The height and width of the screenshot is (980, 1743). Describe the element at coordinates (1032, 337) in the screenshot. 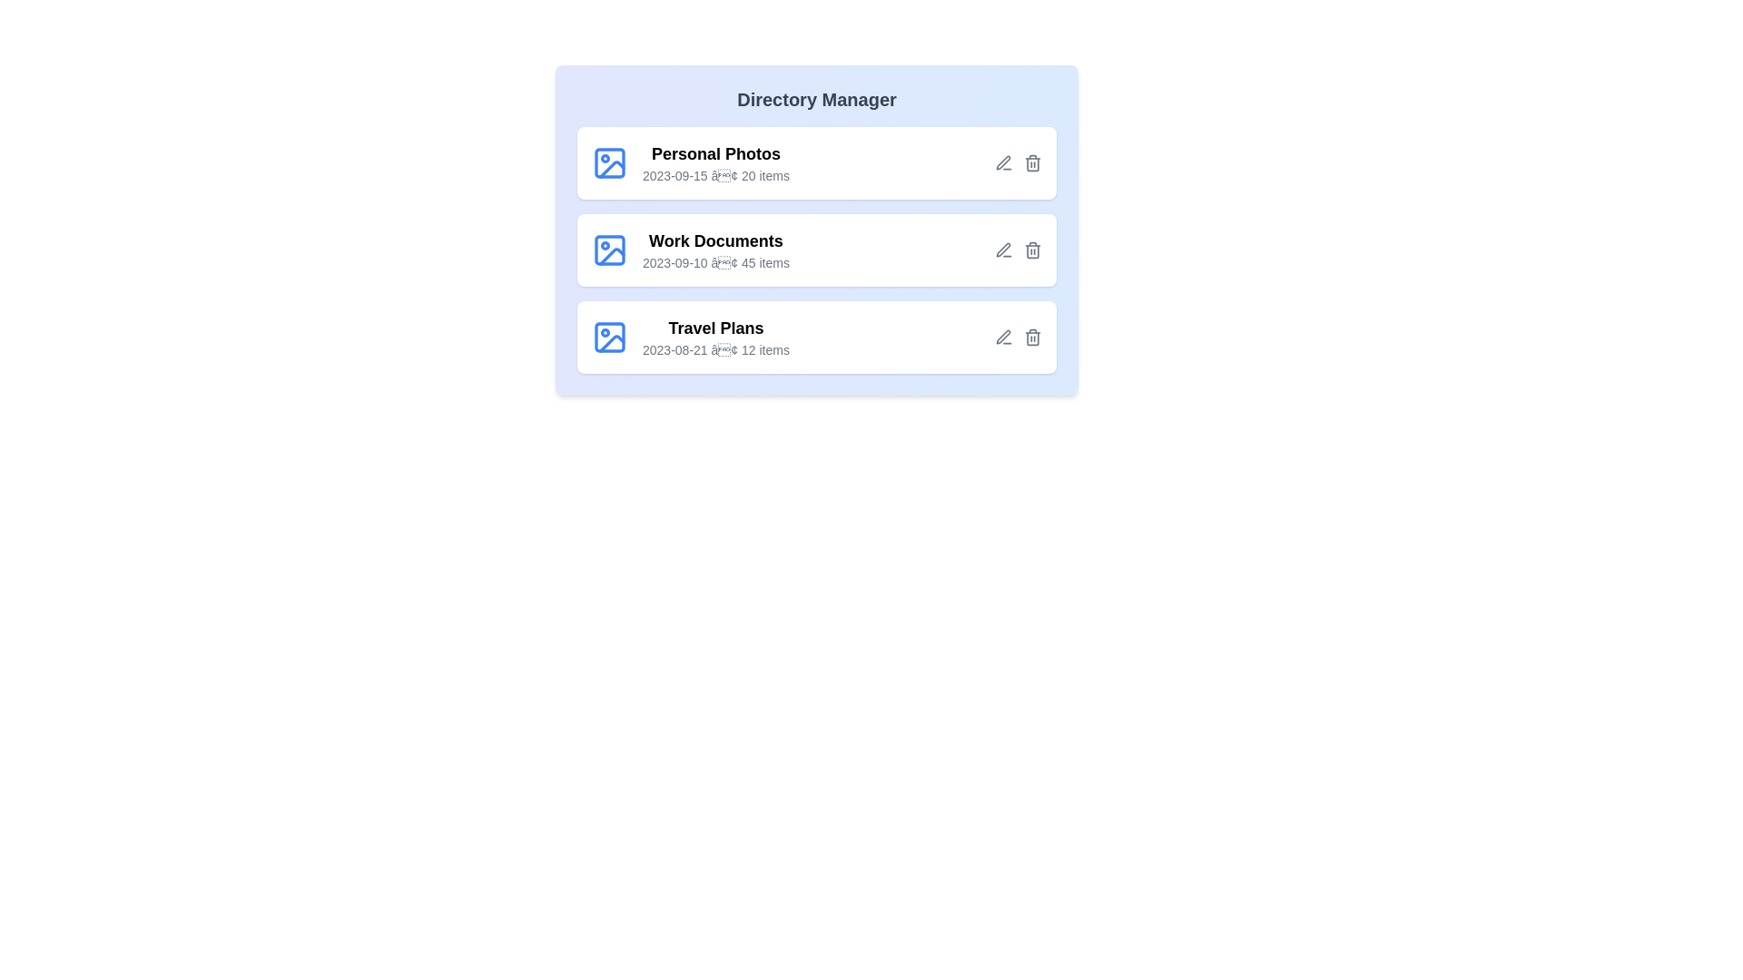

I see `the delete icon for the directory named Travel Plans` at that location.